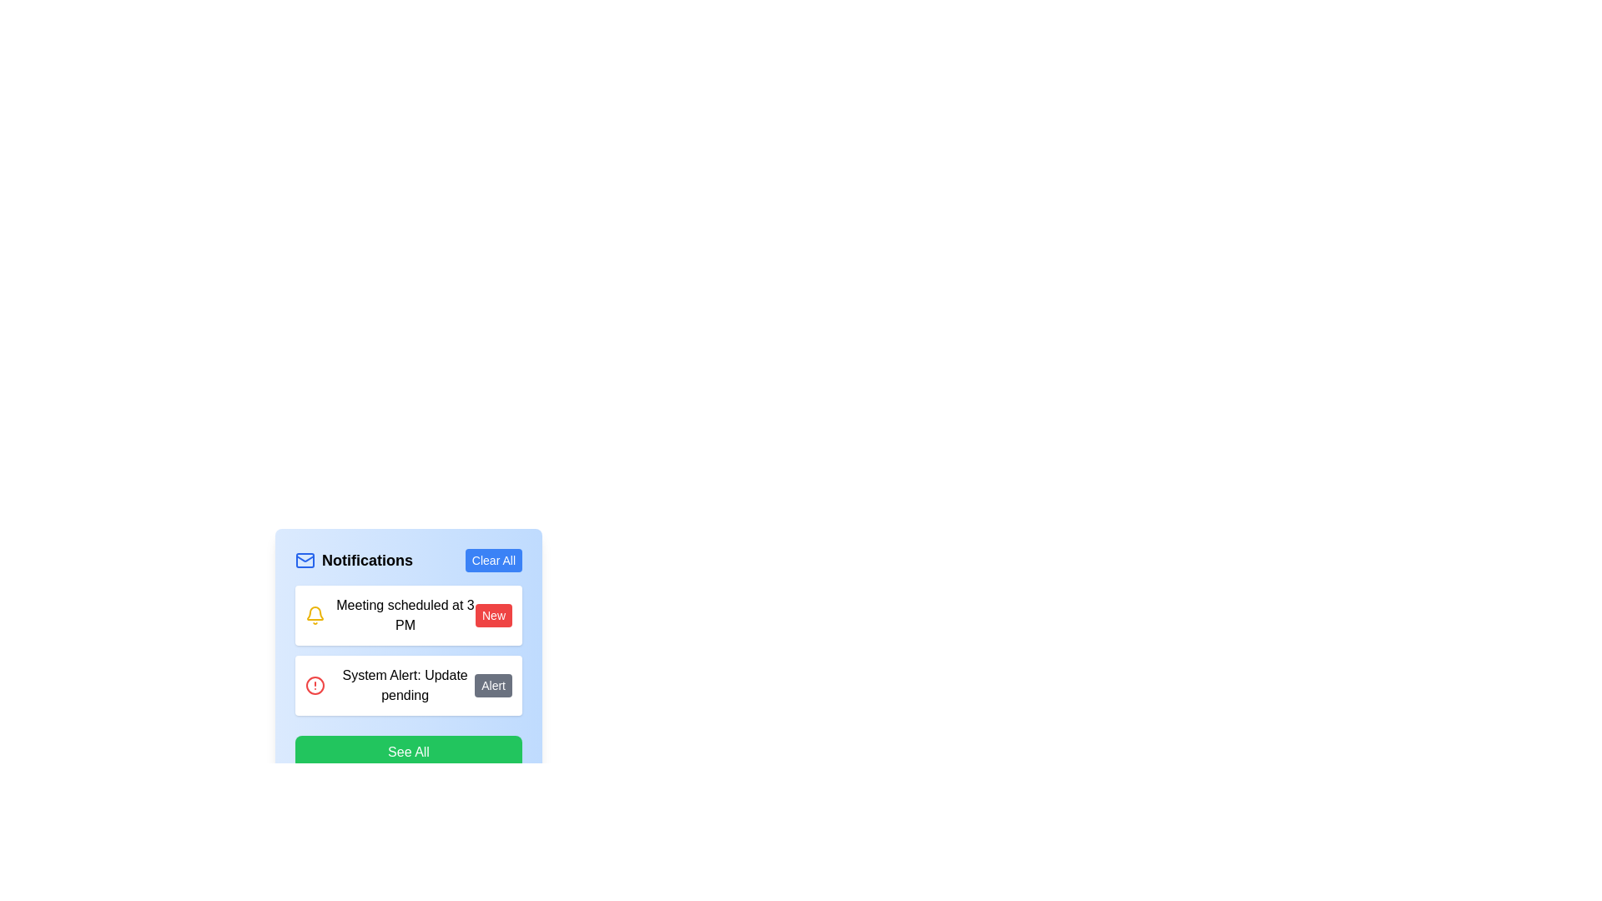 Image resolution: width=1602 pixels, height=901 pixels. What do you see at coordinates (315, 685) in the screenshot?
I see `the circular graphic element with a red stroke that is part of the alert icon in the notification interface, located adjacent to the 'System Alert: Update pending' notification text` at bounding box center [315, 685].